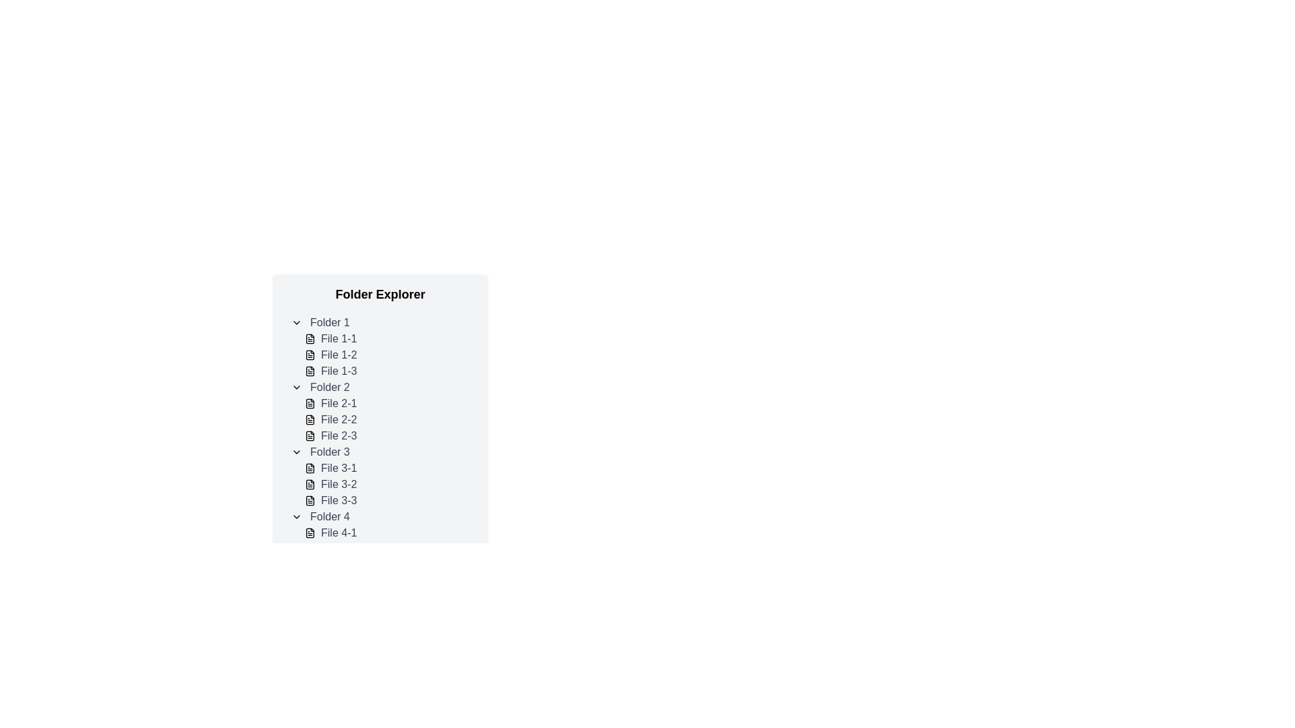 This screenshot has width=1295, height=728. Describe the element at coordinates (296, 516) in the screenshot. I see `the downward-facing chevron icon next to 'Folder 4', used for expanding or collapsing folder content` at that location.